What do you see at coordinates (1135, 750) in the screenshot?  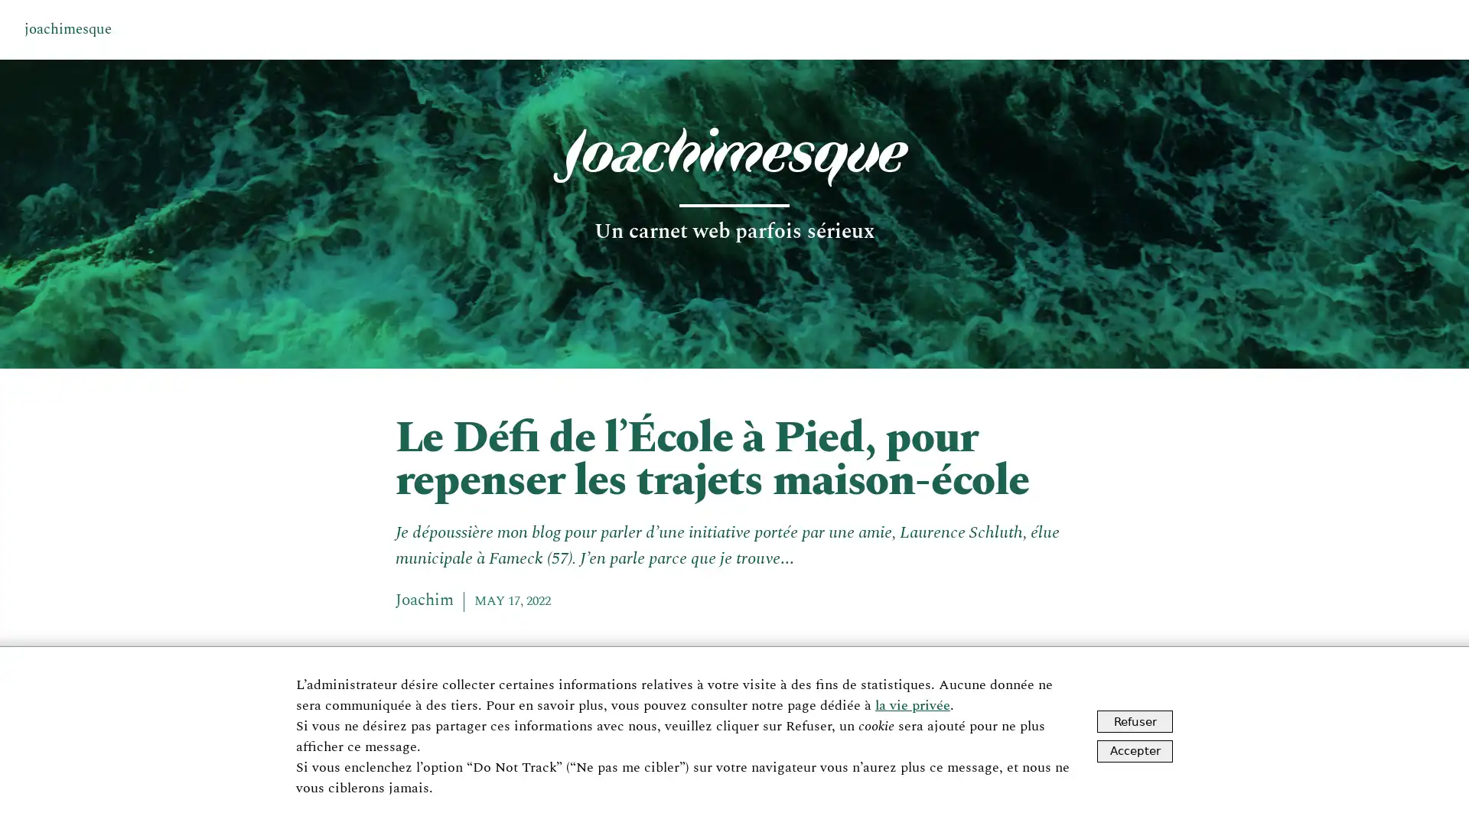 I see `Accepter` at bounding box center [1135, 750].